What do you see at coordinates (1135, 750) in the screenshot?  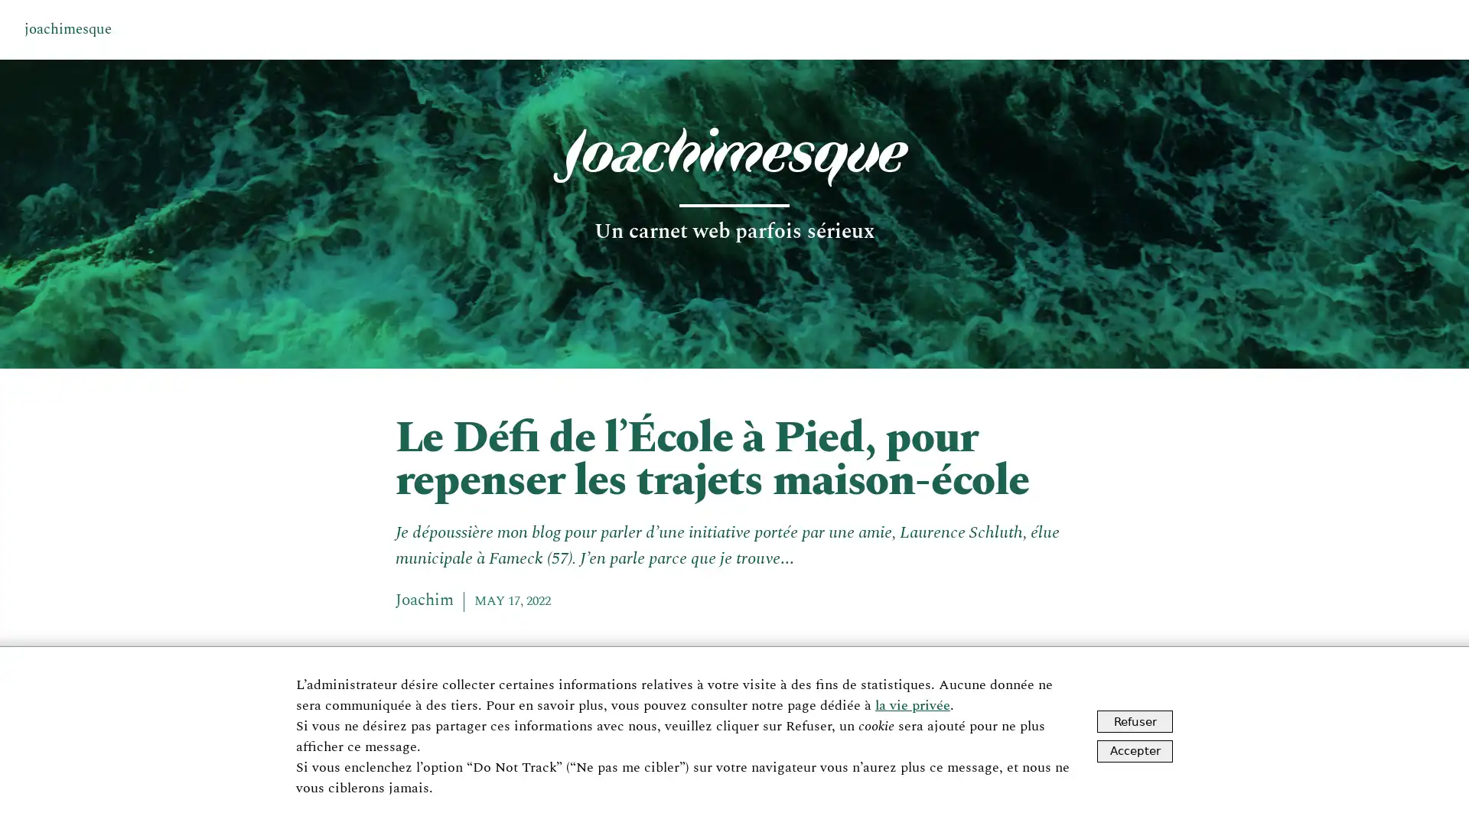 I see `Accepter` at bounding box center [1135, 750].